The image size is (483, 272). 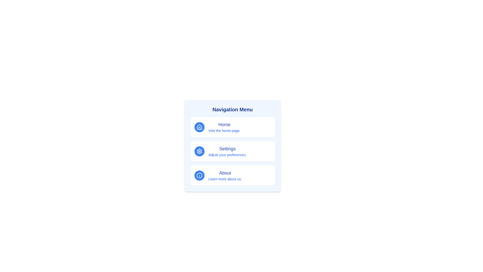 I want to click on the 'About' button or interactive panel with icon and text, so click(x=232, y=175).